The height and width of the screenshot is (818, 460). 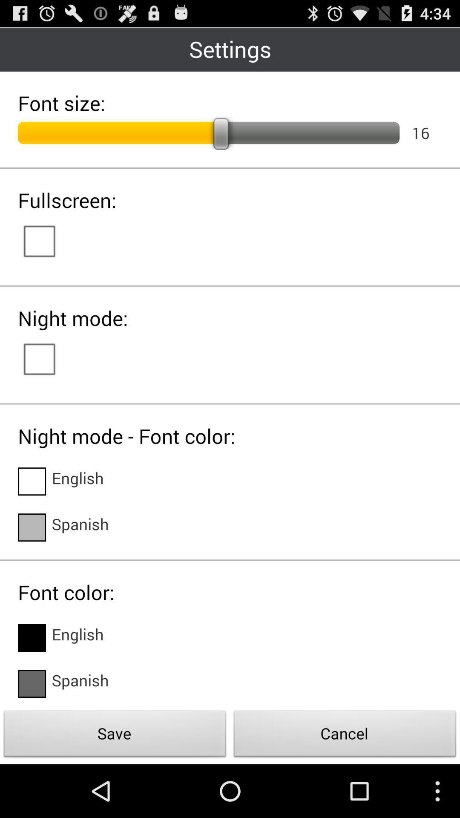 I want to click on language, so click(x=31, y=527).